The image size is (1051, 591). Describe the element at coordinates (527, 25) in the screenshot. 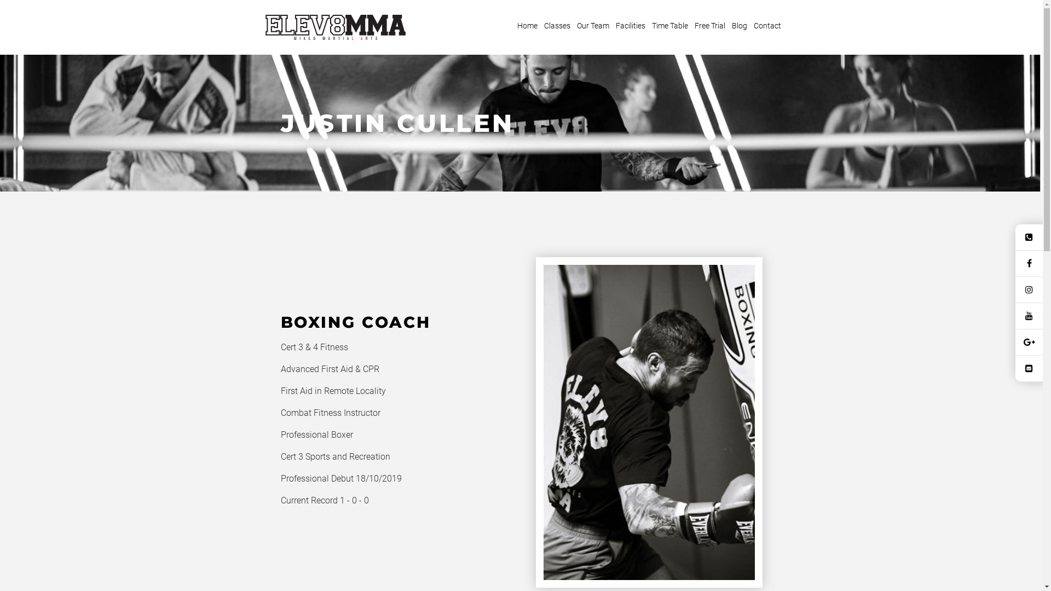

I see `'Home'` at that location.